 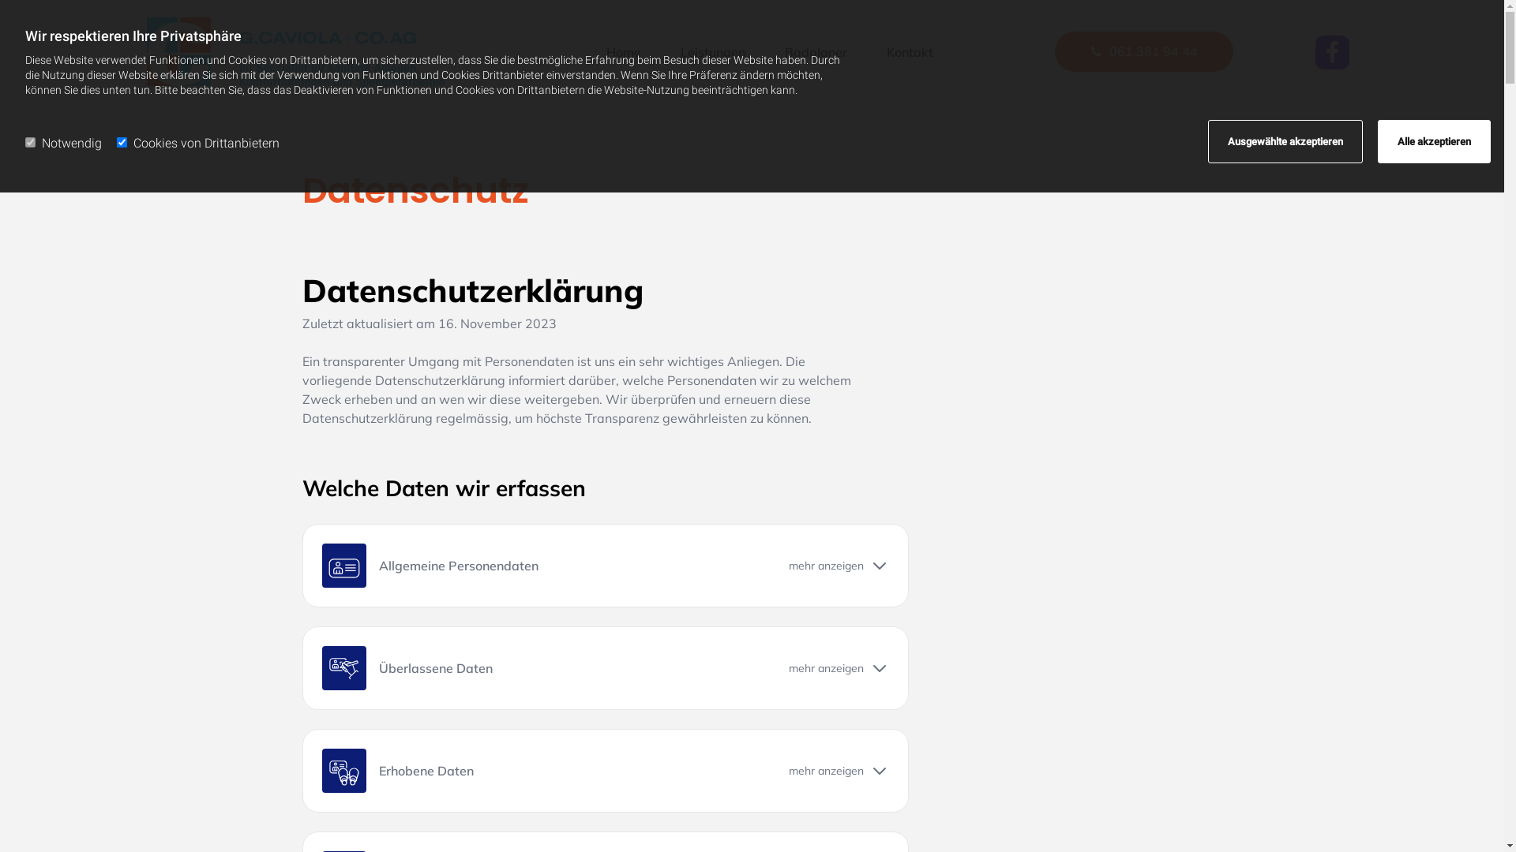 What do you see at coordinates (878, 51) in the screenshot?
I see `'Kontakt'` at bounding box center [878, 51].